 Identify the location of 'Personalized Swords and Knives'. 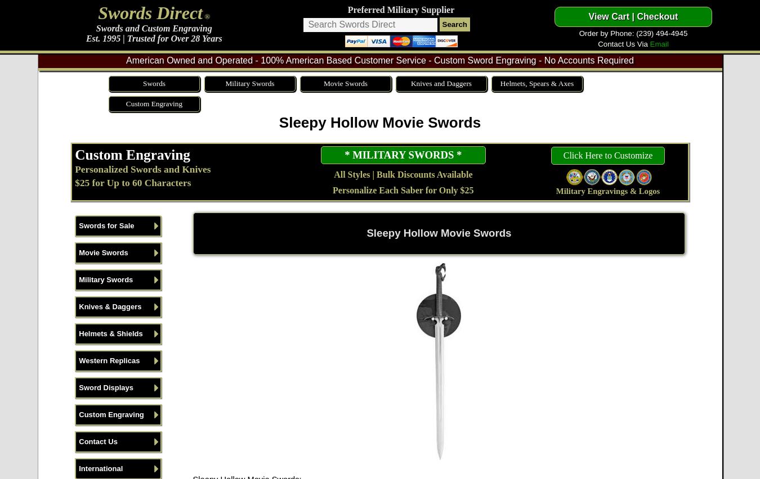
(142, 169).